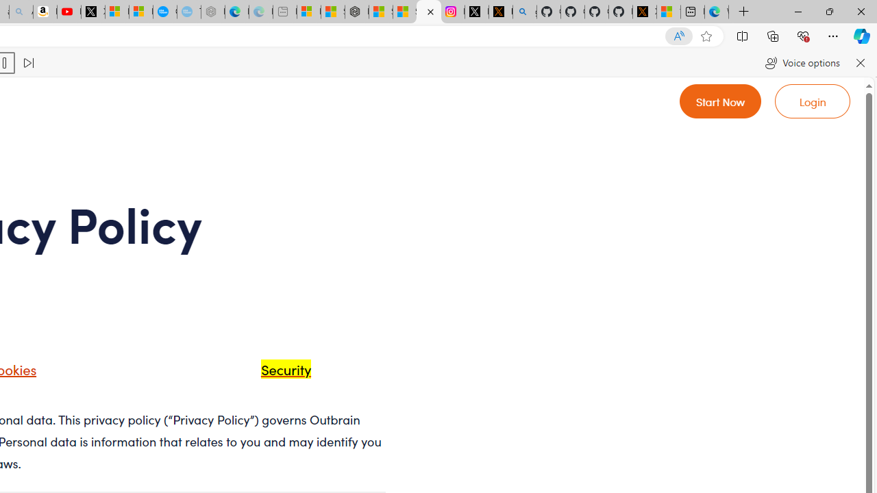 This screenshot has width=877, height=493. I want to click on 'github - Search', so click(524, 12).